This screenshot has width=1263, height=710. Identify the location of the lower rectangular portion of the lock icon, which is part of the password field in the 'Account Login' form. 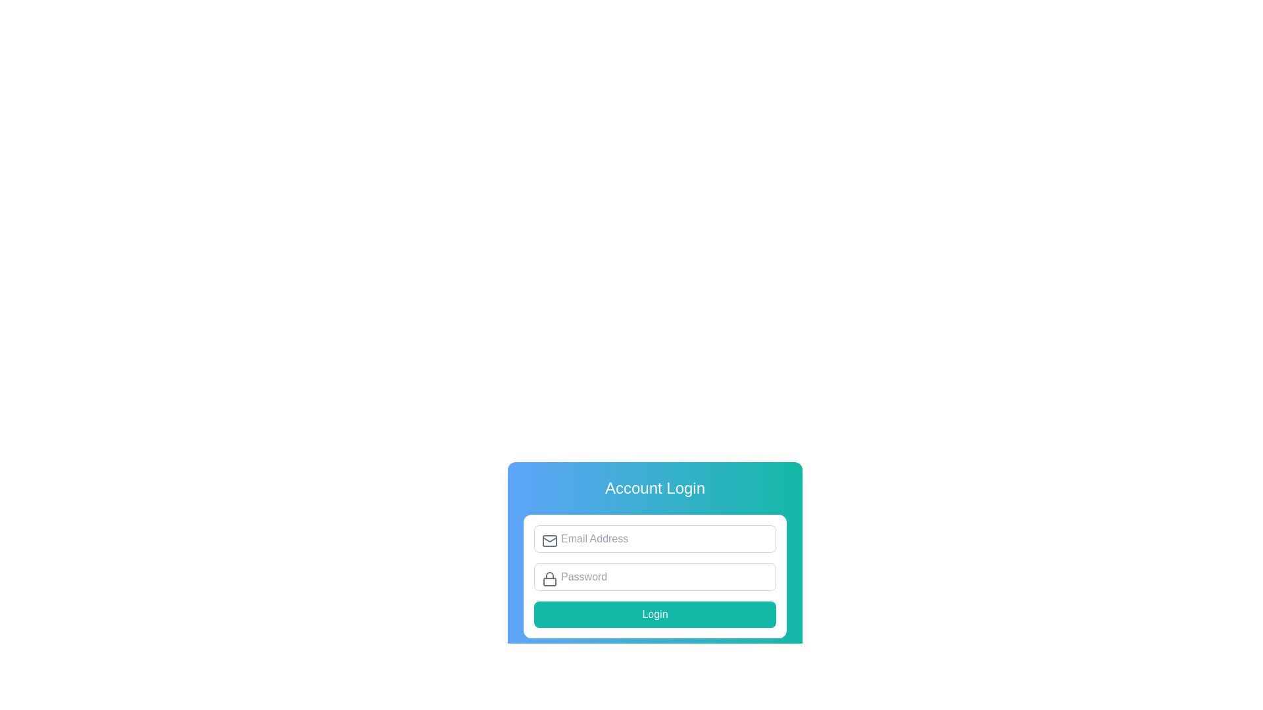
(549, 580).